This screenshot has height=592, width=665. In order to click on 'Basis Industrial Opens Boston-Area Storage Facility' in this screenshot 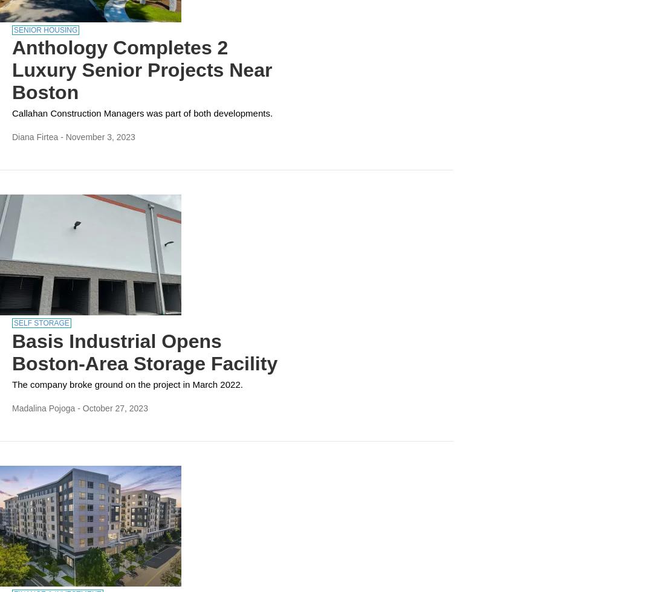, I will do `click(11, 352)`.